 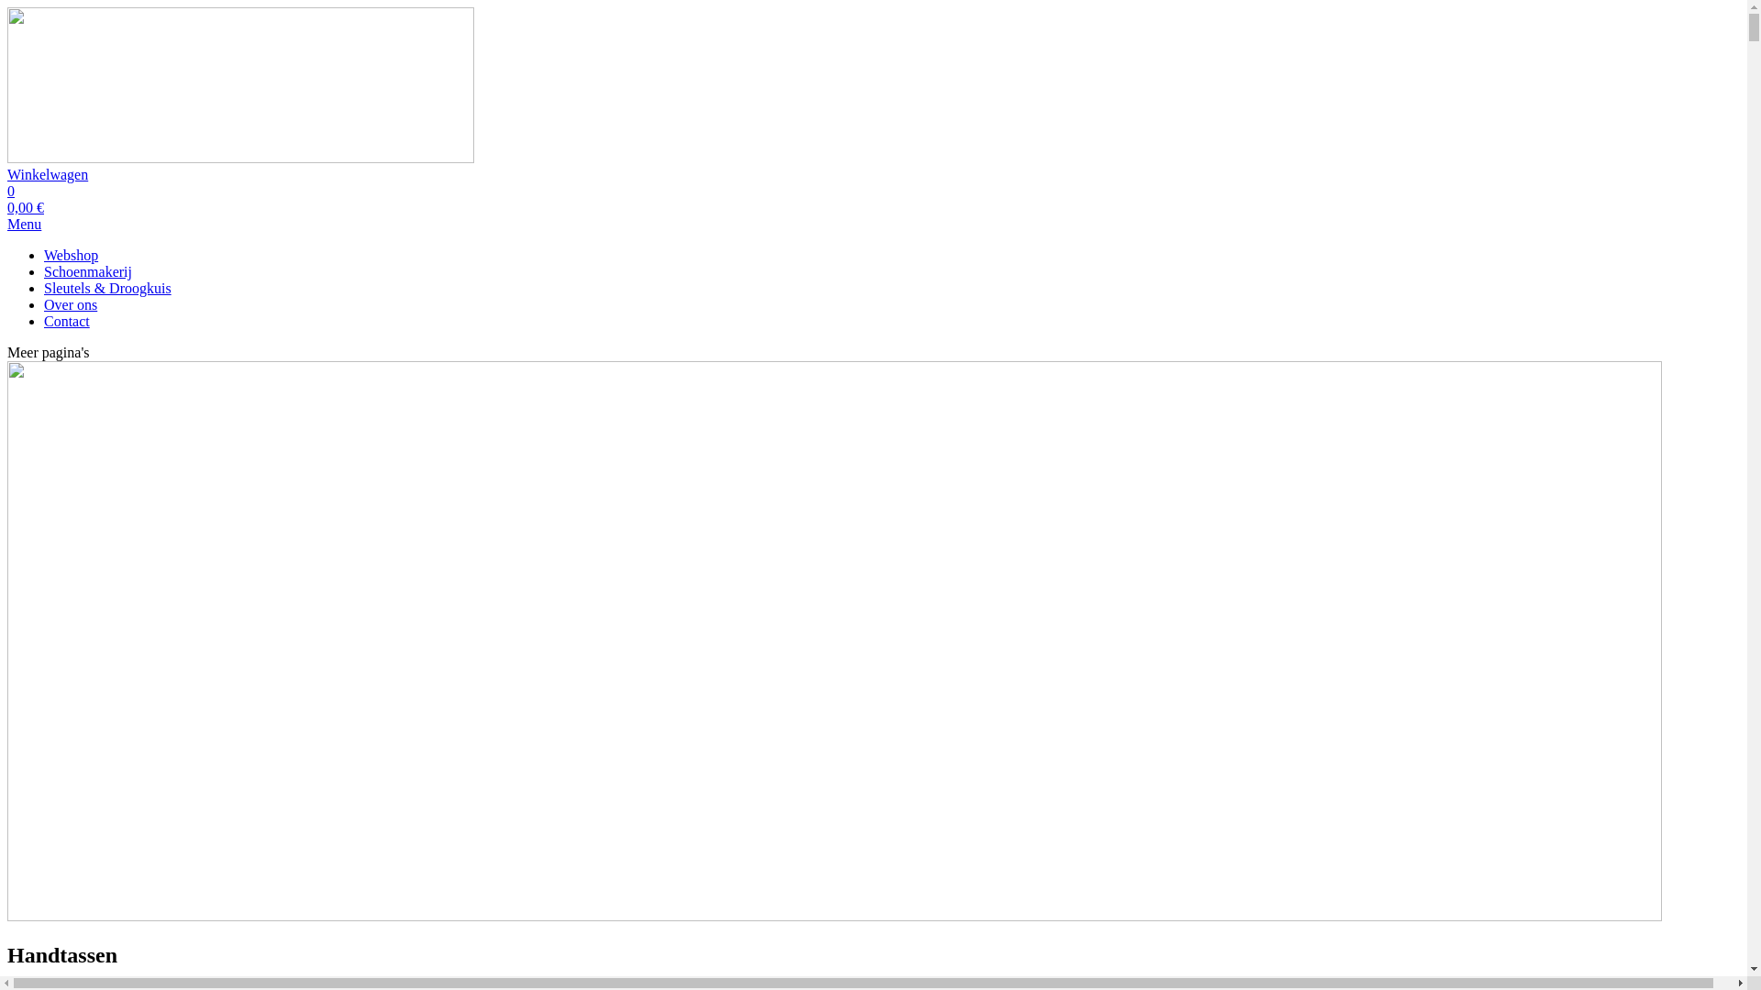 I want to click on 'Contact', so click(x=66, y=320).